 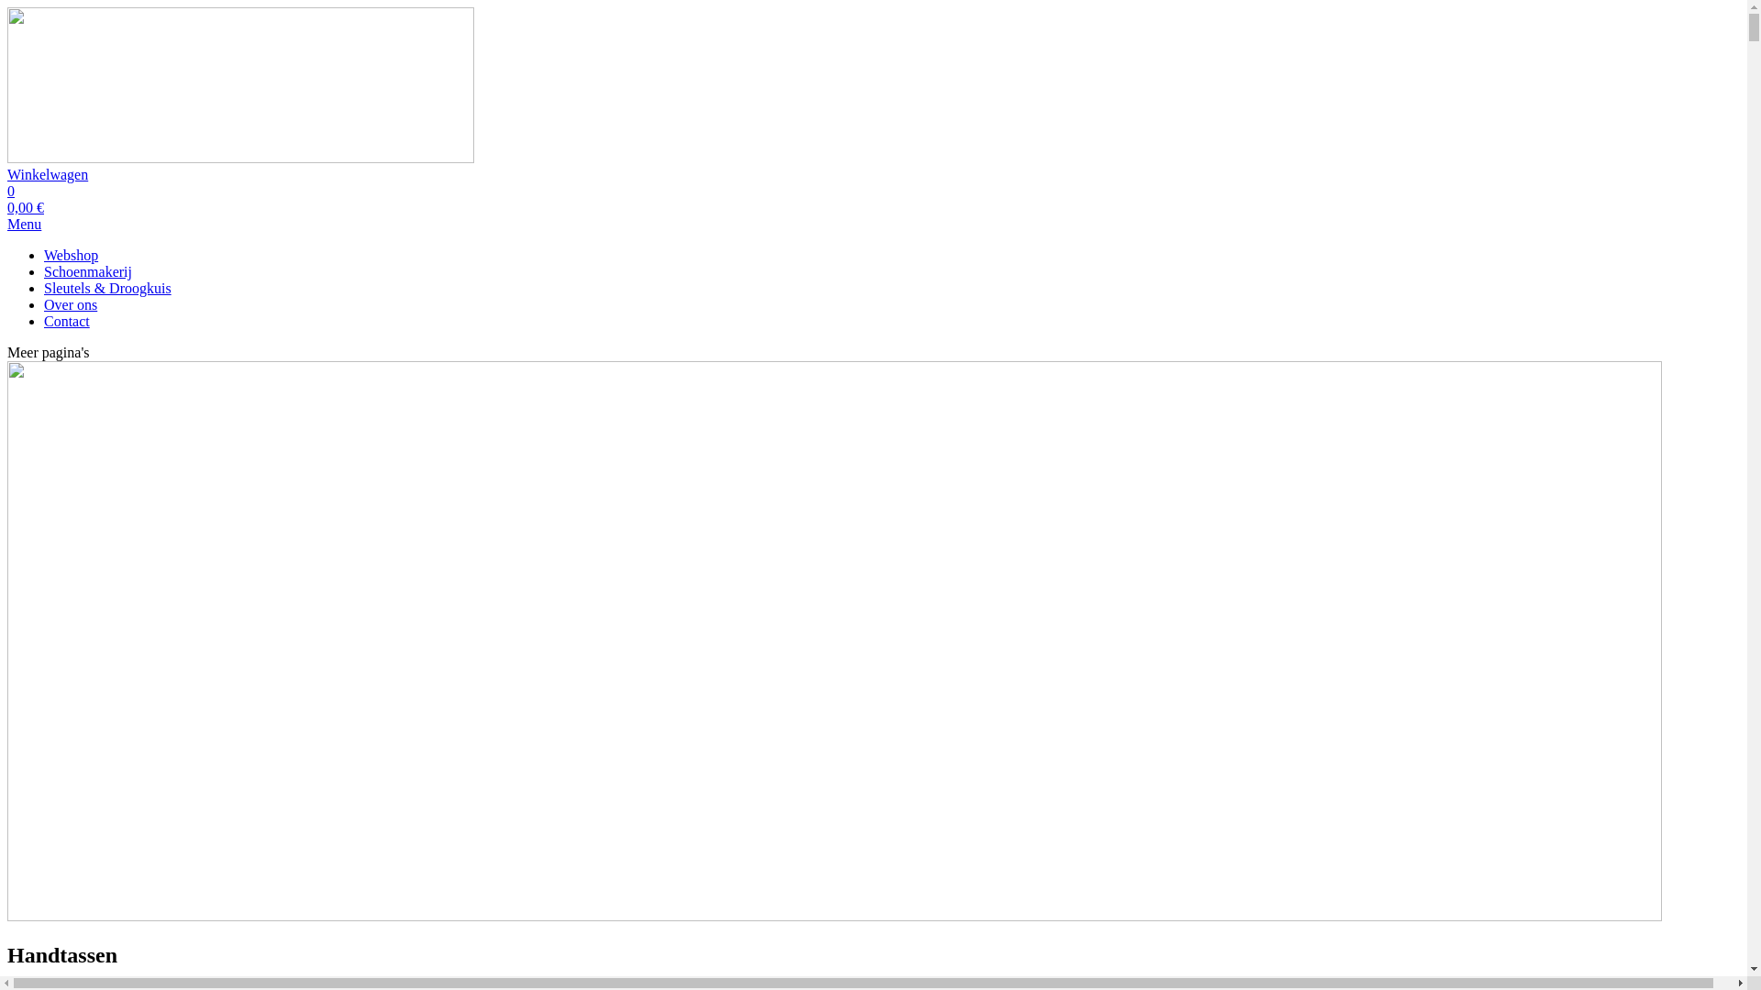 I want to click on 'Contact', so click(x=66, y=320).